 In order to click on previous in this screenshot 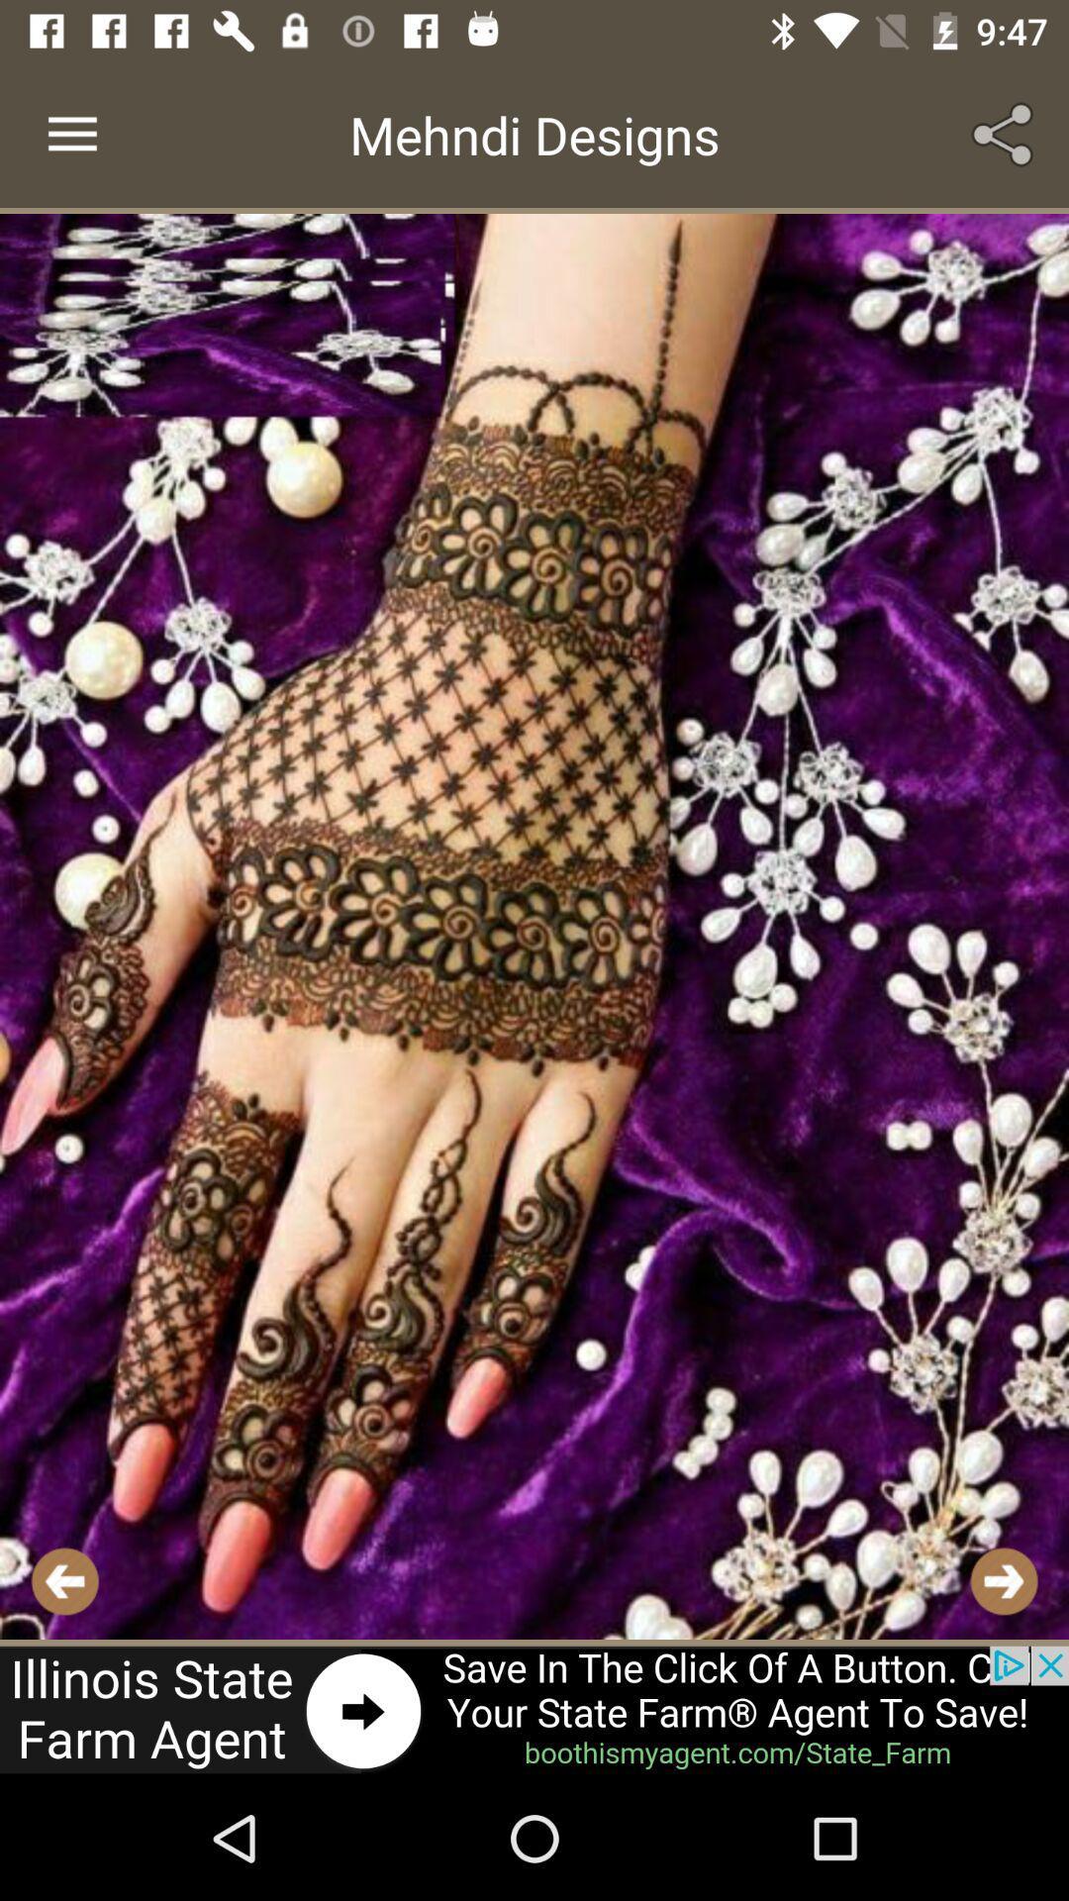, I will do `click(63, 1580)`.